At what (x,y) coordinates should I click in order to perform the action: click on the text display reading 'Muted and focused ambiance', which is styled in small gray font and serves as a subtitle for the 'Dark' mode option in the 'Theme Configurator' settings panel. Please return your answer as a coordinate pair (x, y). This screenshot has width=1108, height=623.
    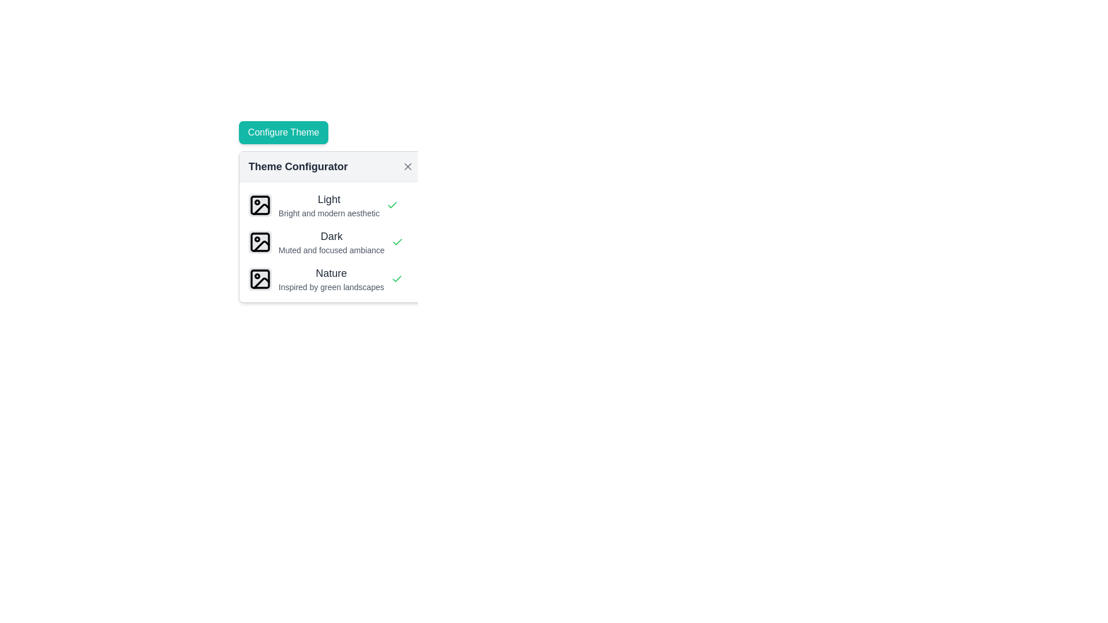
    Looking at the image, I should click on (331, 250).